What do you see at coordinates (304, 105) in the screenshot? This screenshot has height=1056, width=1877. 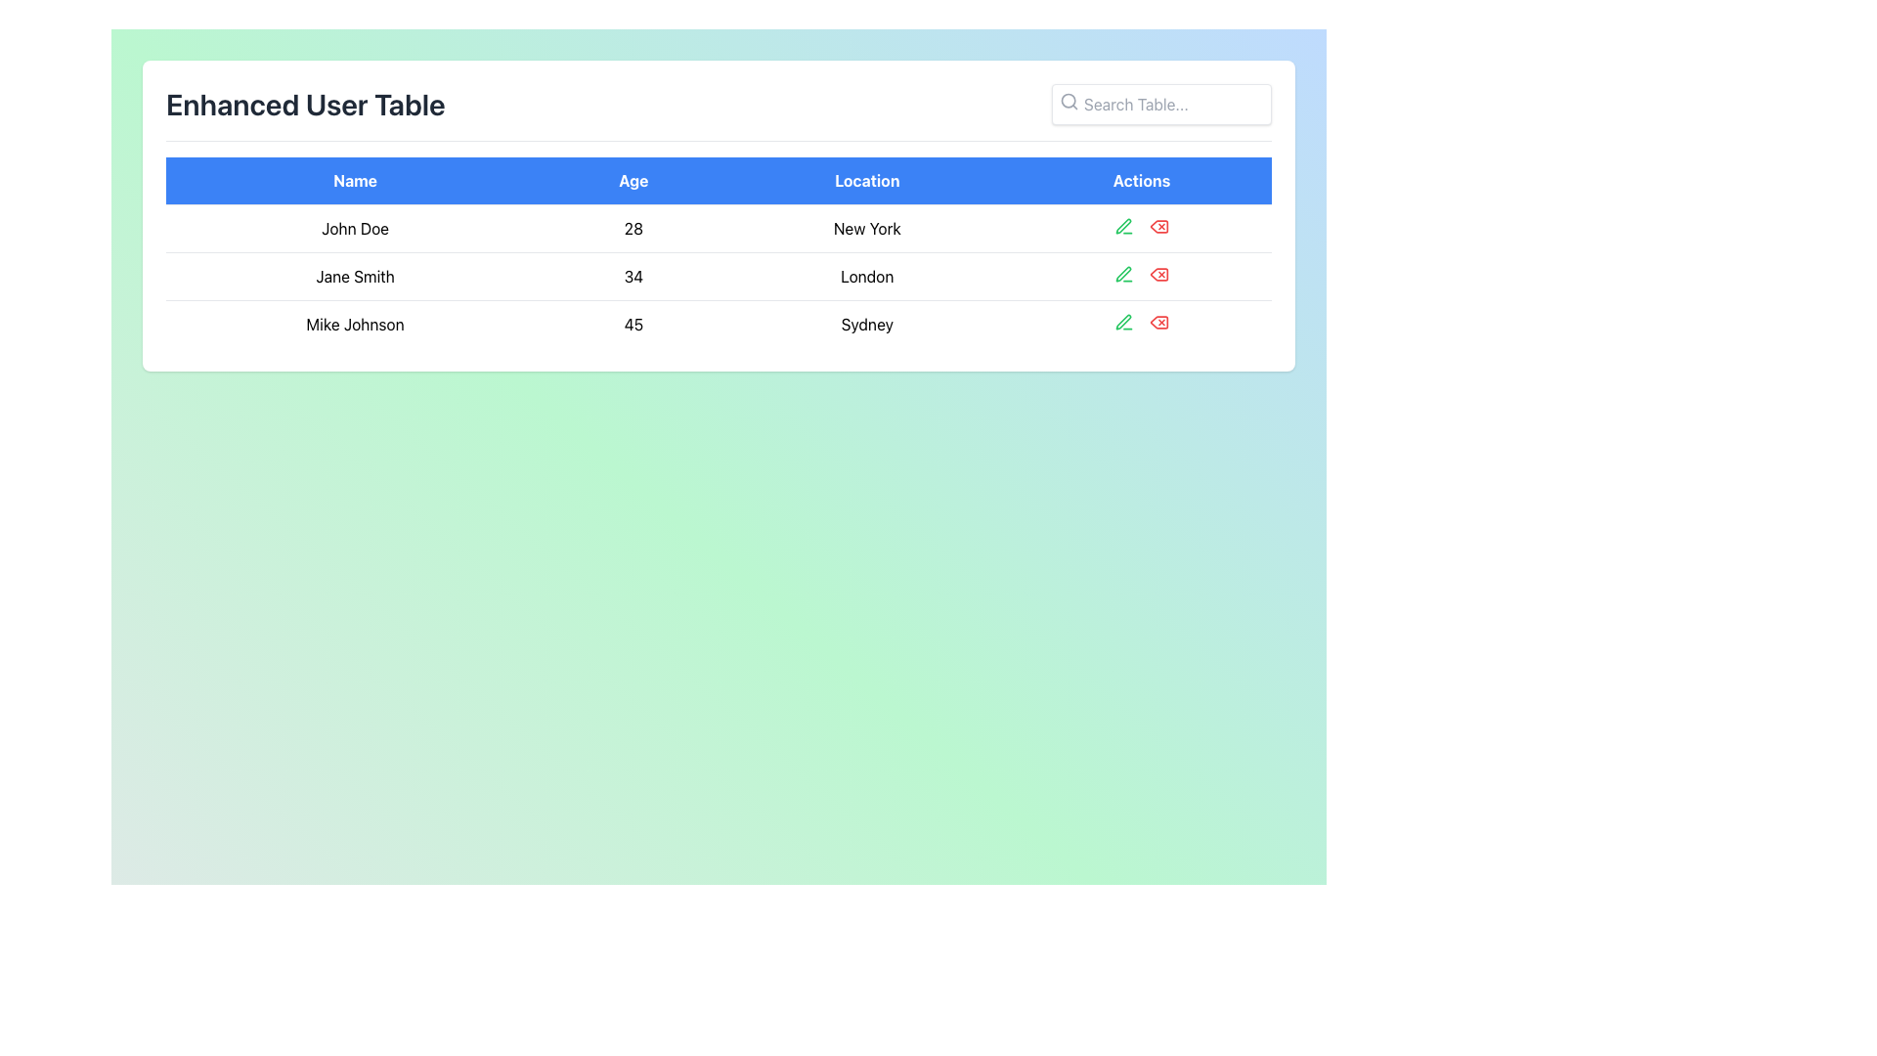 I see `text label displaying 'Enhanced User Table' located at the top-left area of the interface, adjacent to the search bar` at bounding box center [304, 105].